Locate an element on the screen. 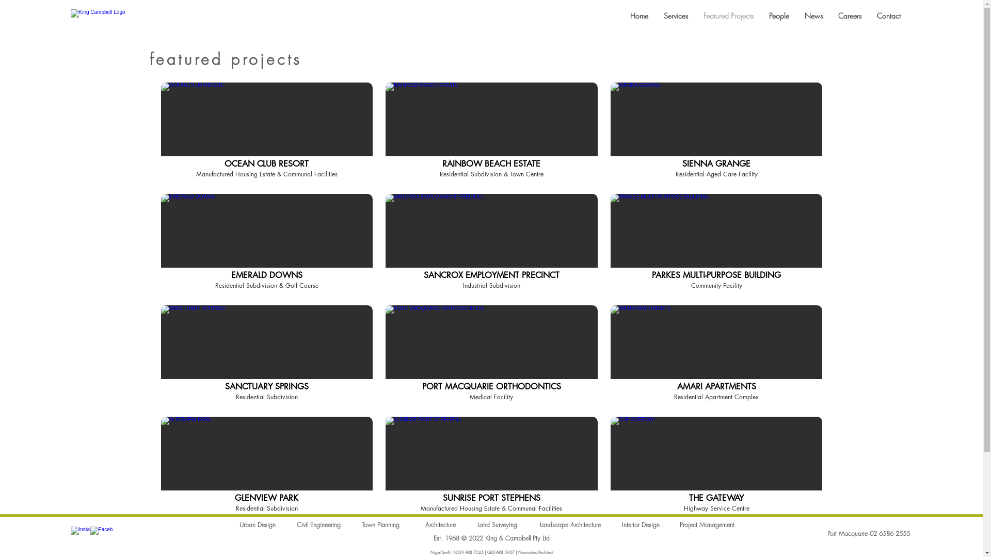 The height and width of the screenshot is (557, 991). 'Town Planning' is located at coordinates (361, 525).